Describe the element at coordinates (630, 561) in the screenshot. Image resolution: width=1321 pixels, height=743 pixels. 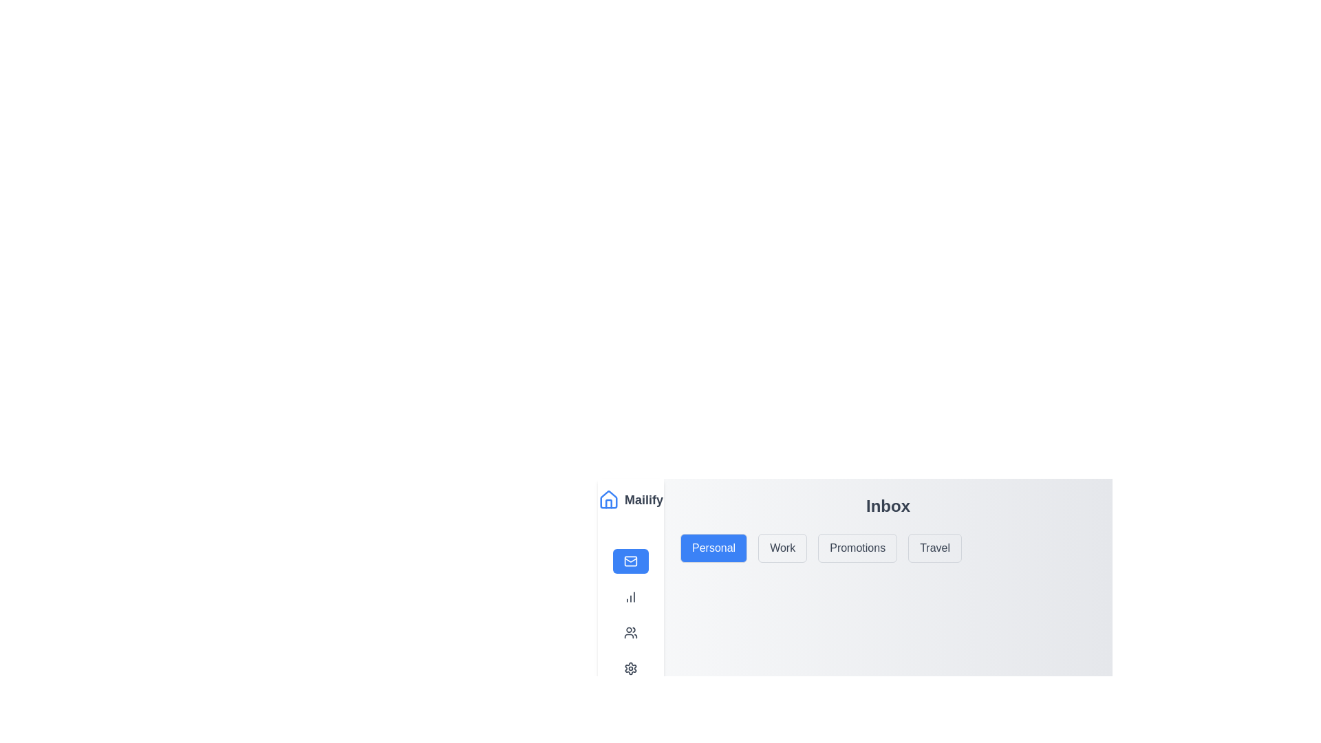
I see `the rectangle part of the mail icon, which is the main body of the envelope icon located in the navigation bar, second from the top and slightly right of the left edge` at that location.